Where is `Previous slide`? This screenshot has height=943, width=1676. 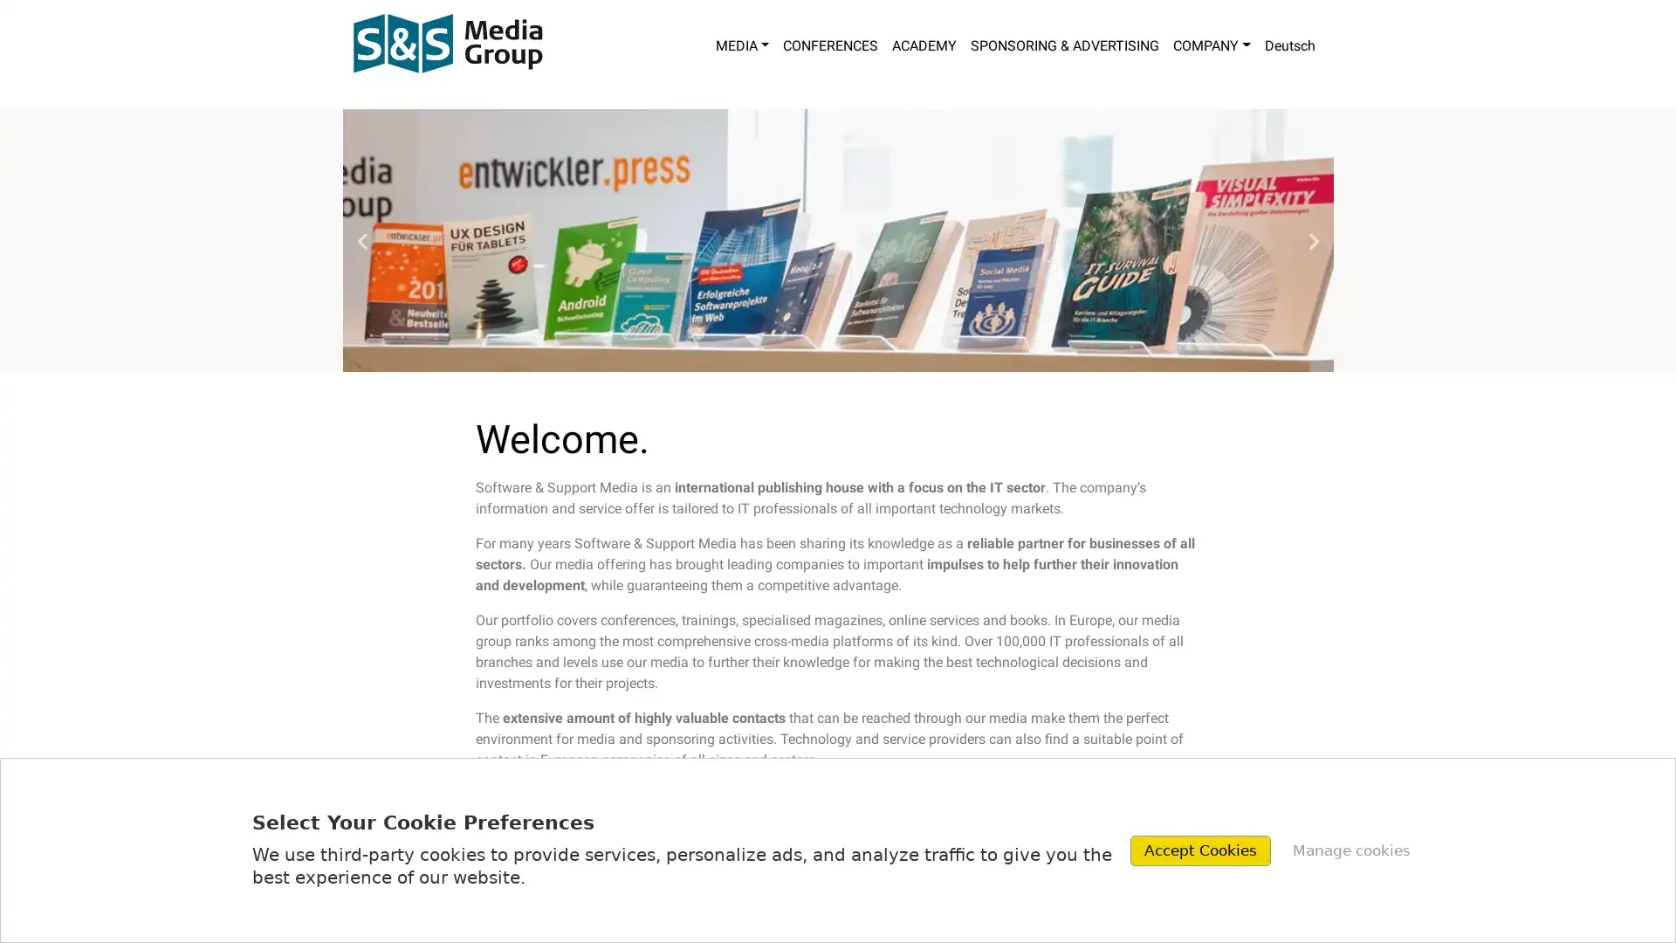
Previous slide is located at coordinates (361, 240).